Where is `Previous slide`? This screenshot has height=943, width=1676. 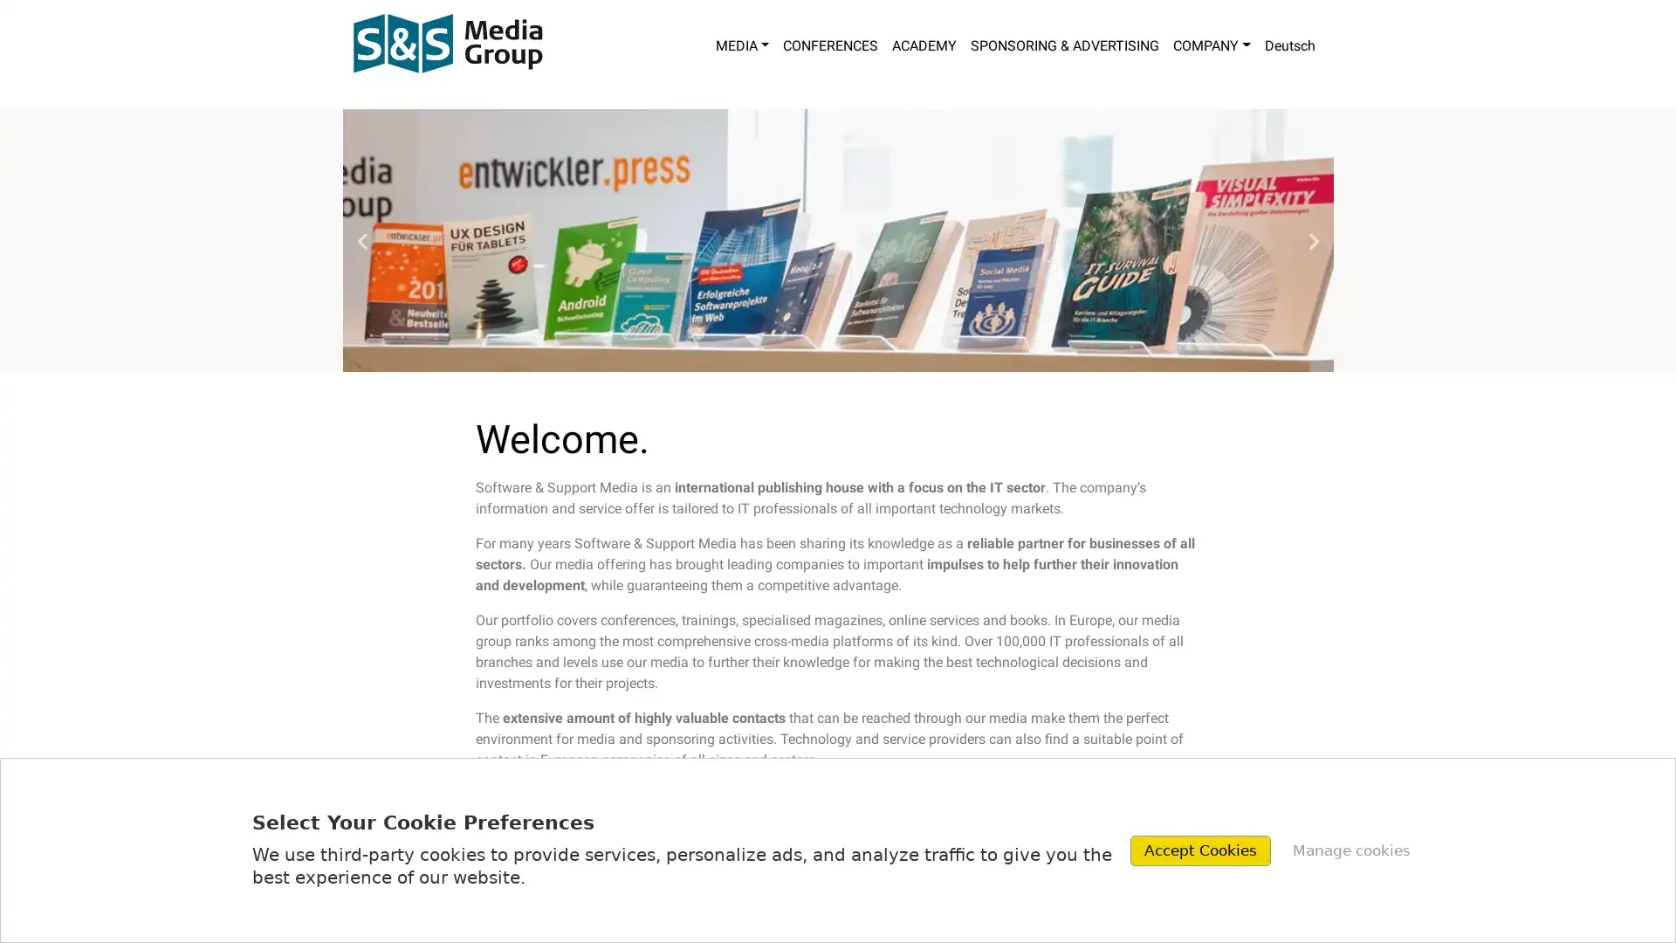
Previous slide is located at coordinates (361, 240).